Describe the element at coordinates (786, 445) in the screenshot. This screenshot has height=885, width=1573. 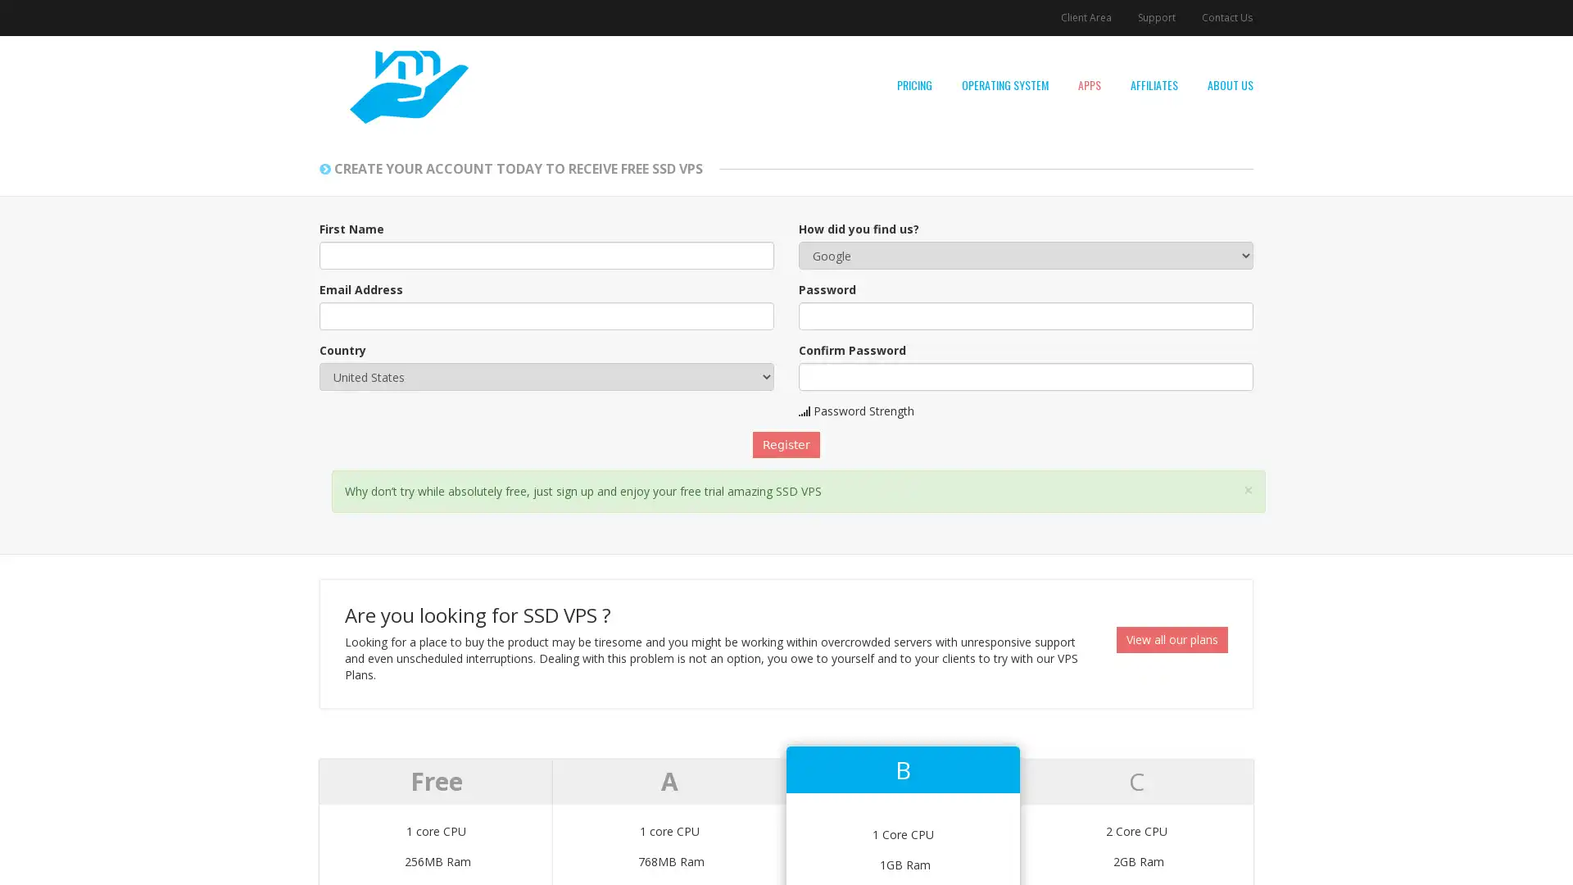
I see `Register` at that location.